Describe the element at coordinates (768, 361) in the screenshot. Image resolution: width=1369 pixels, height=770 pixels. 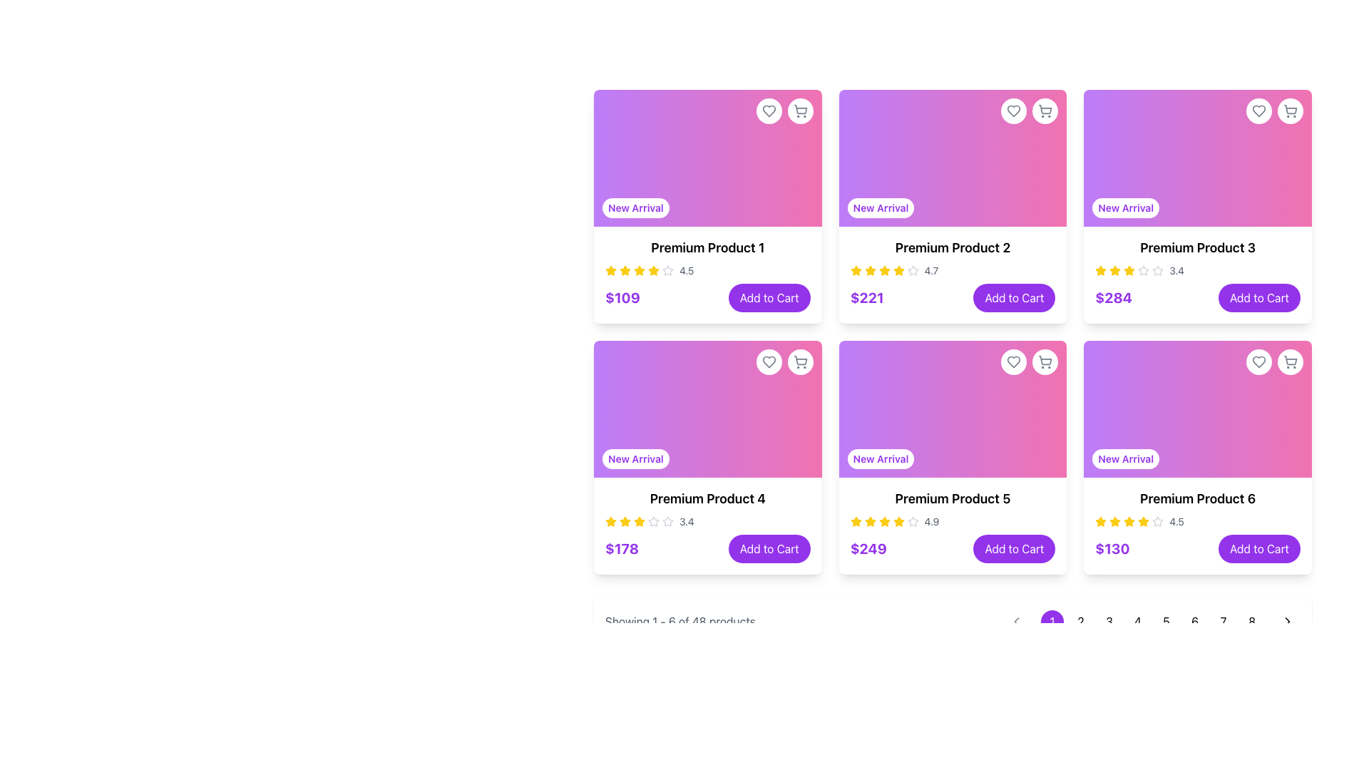
I see `the heart icon located in the top-right corner of the 'Premium Product 5' card` at that location.